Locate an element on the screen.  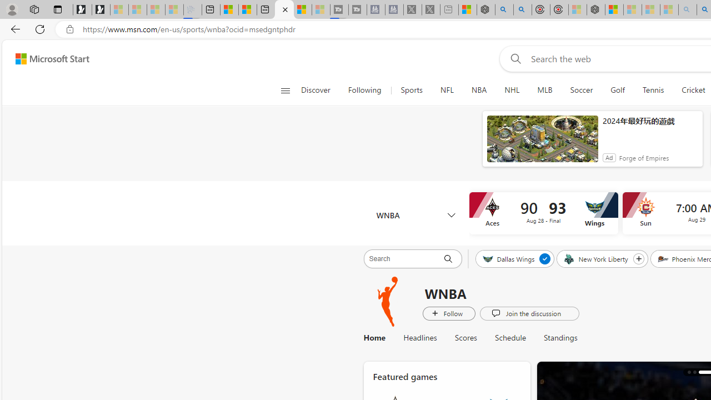
'Class: button-glyph' is located at coordinates (285, 90).